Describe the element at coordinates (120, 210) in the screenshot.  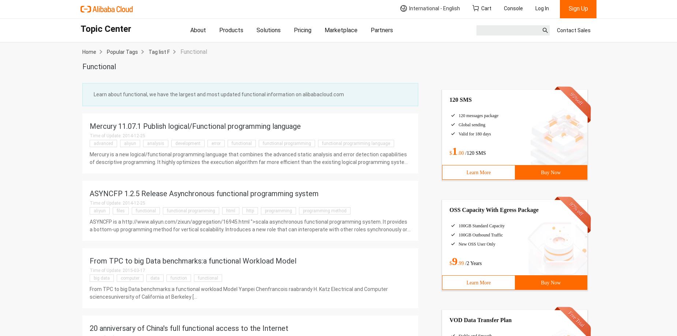
I see `'files'` at that location.